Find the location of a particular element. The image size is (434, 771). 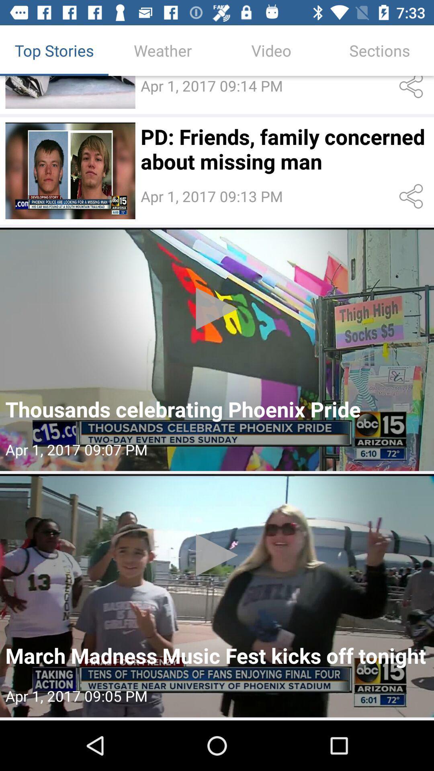

share the article is located at coordinates (413, 196).